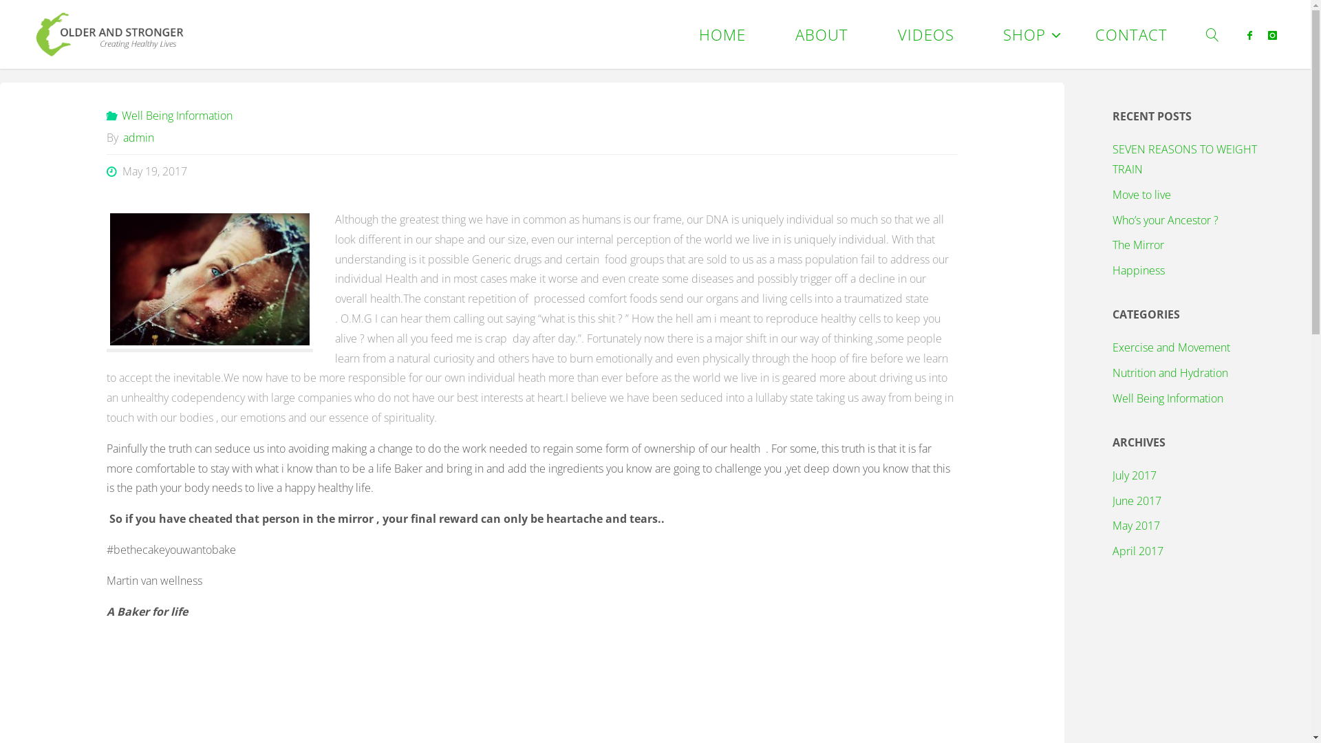 The width and height of the screenshot is (1321, 743). I want to click on 'April 2017', so click(1138, 550).